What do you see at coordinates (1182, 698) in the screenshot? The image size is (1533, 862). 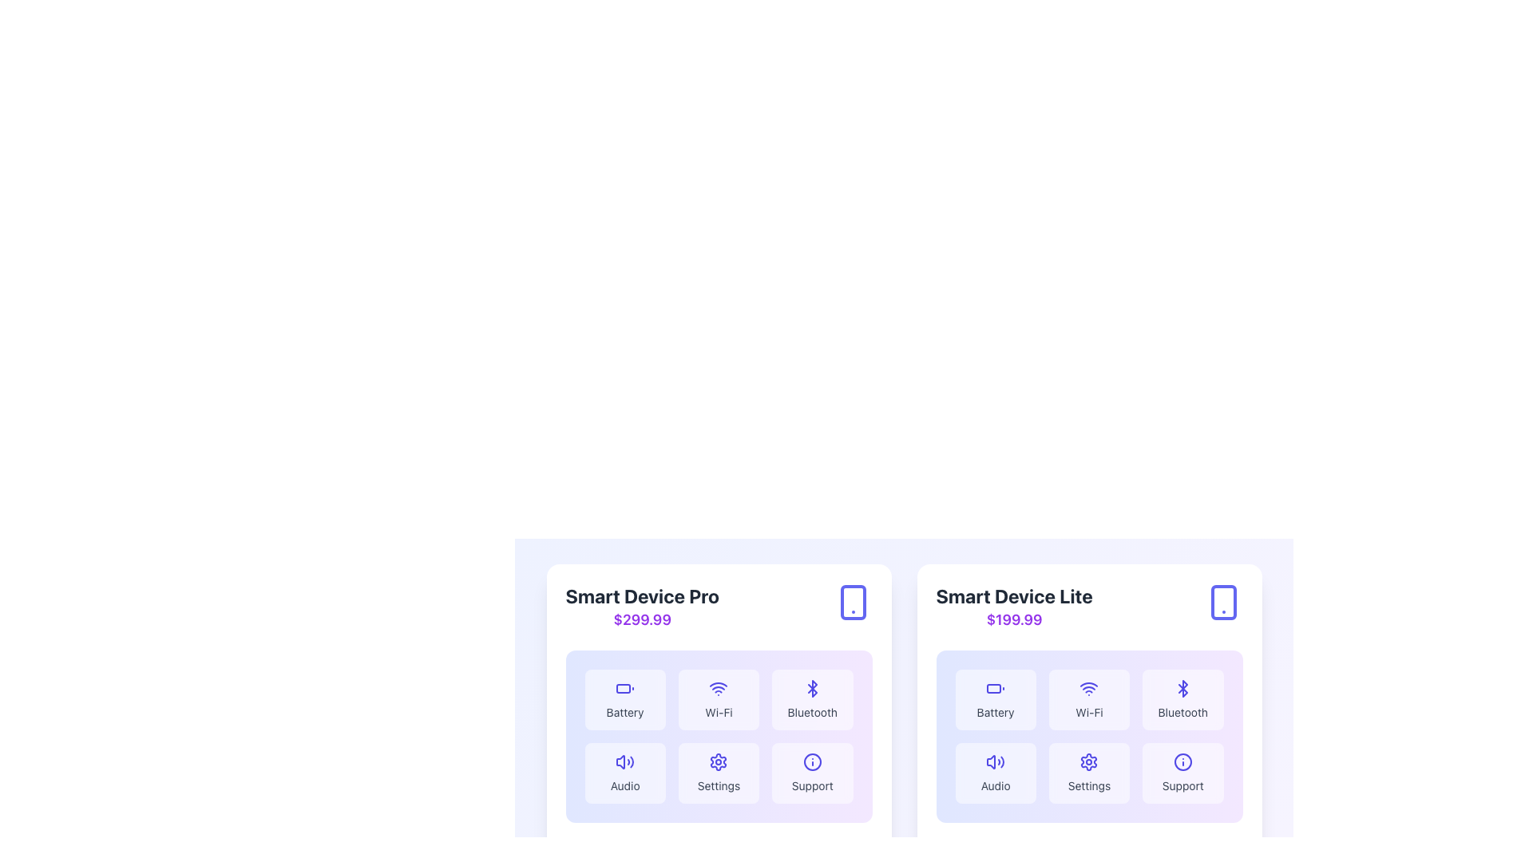 I see `the Bluetooth button located in the third column of the top row within the grid structure` at bounding box center [1182, 698].